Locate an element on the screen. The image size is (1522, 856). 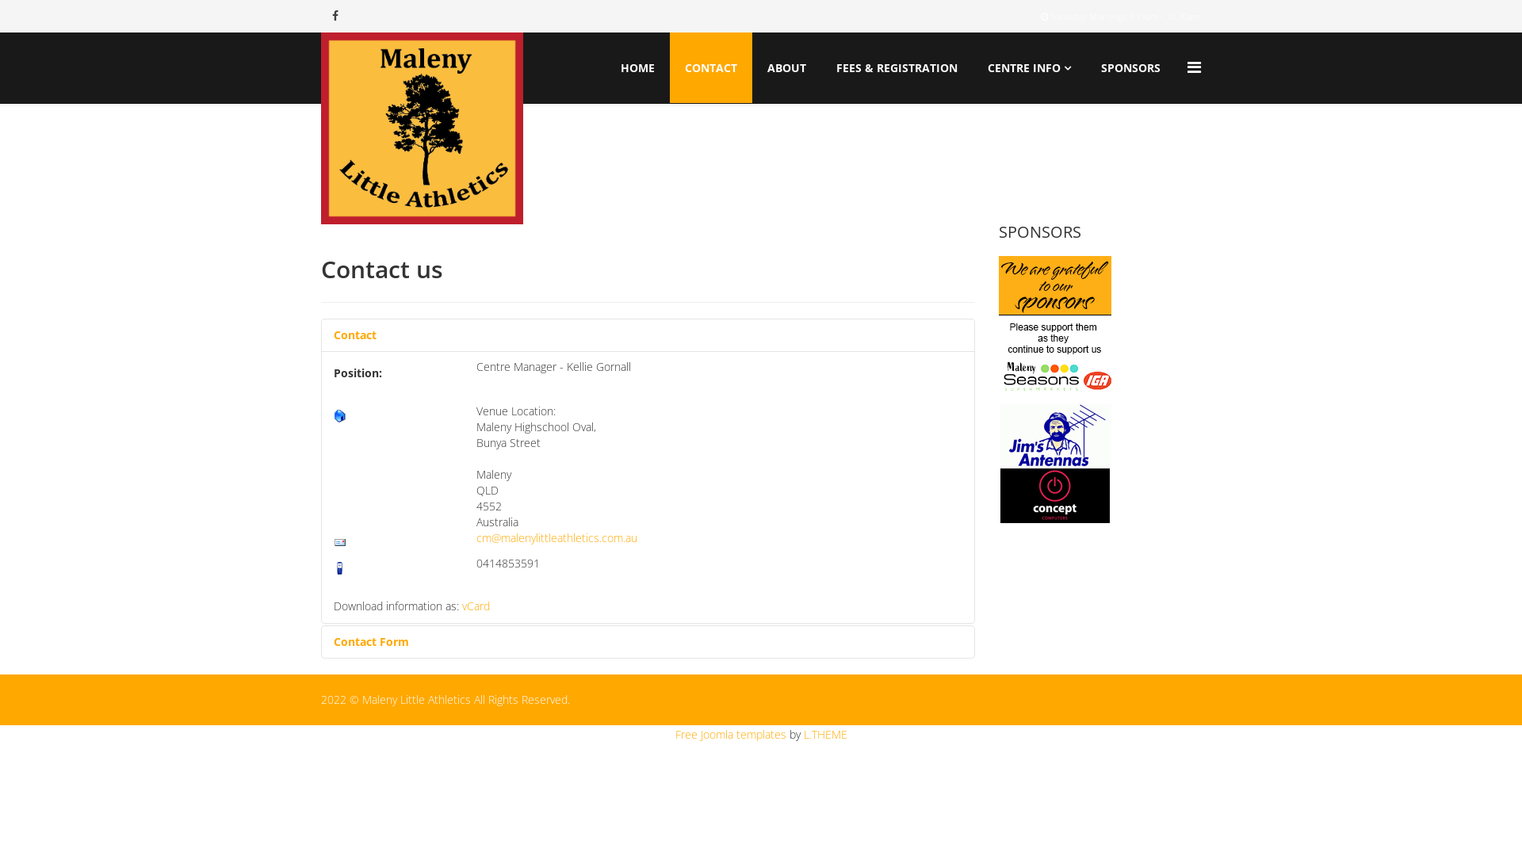
'CONTACT' is located at coordinates (710, 67).